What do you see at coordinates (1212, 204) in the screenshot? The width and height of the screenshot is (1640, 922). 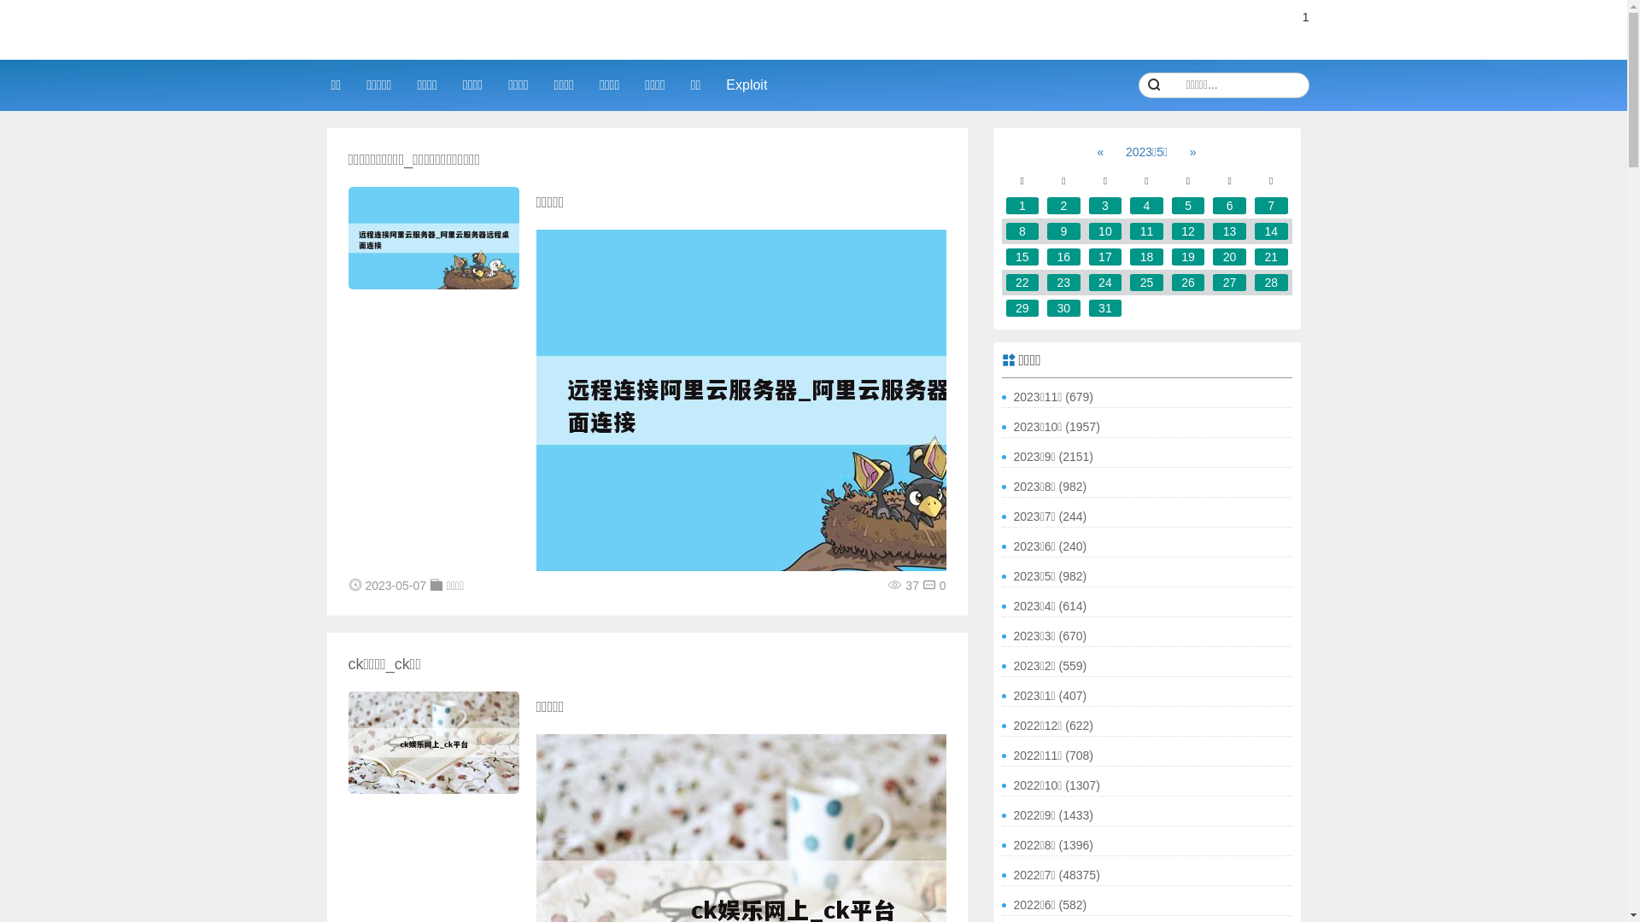 I see `'6'` at bounding box center [1212, 204].